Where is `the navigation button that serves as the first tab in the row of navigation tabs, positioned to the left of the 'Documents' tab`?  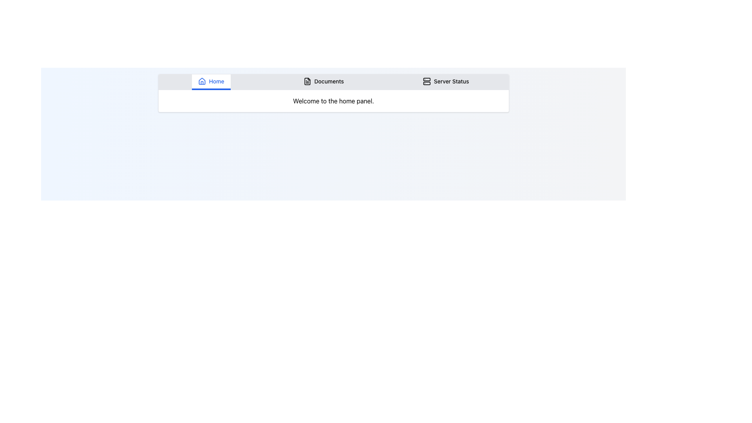
the navigation button that serves as the first tab in the row of navigation tabs, positioned to the left of the 'Documents' tab is located at coordinates (211, 82).